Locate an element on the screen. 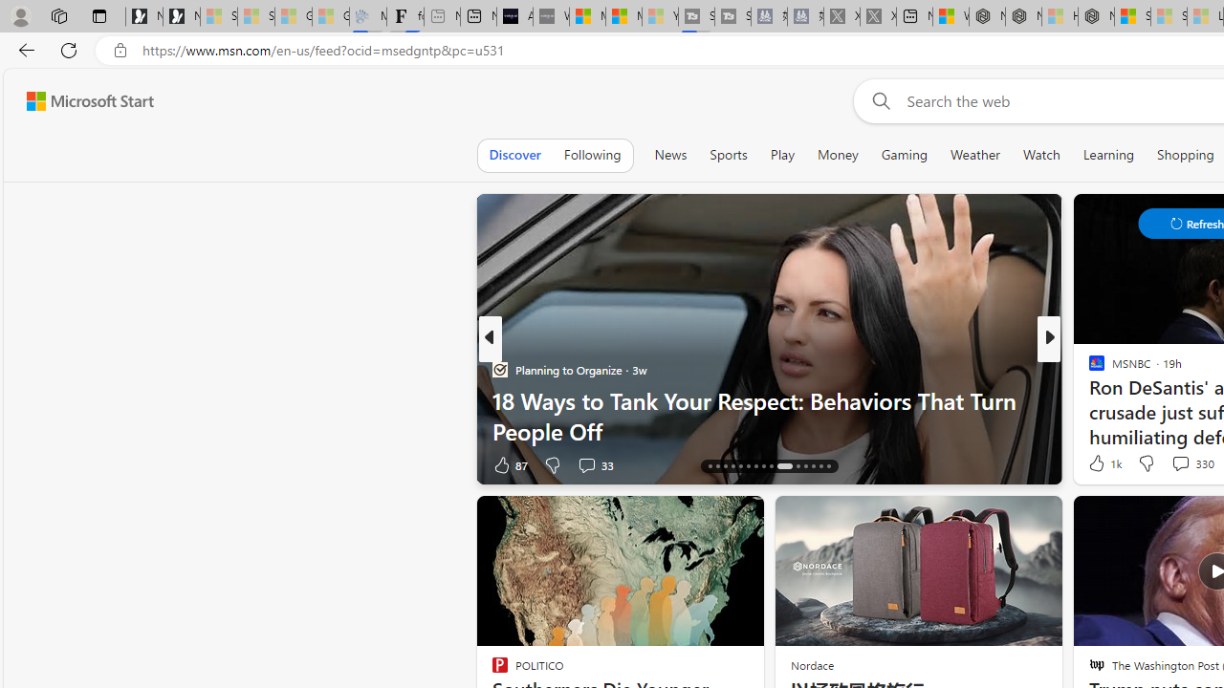  'Dislike' is located at coordinates (1146, 462).